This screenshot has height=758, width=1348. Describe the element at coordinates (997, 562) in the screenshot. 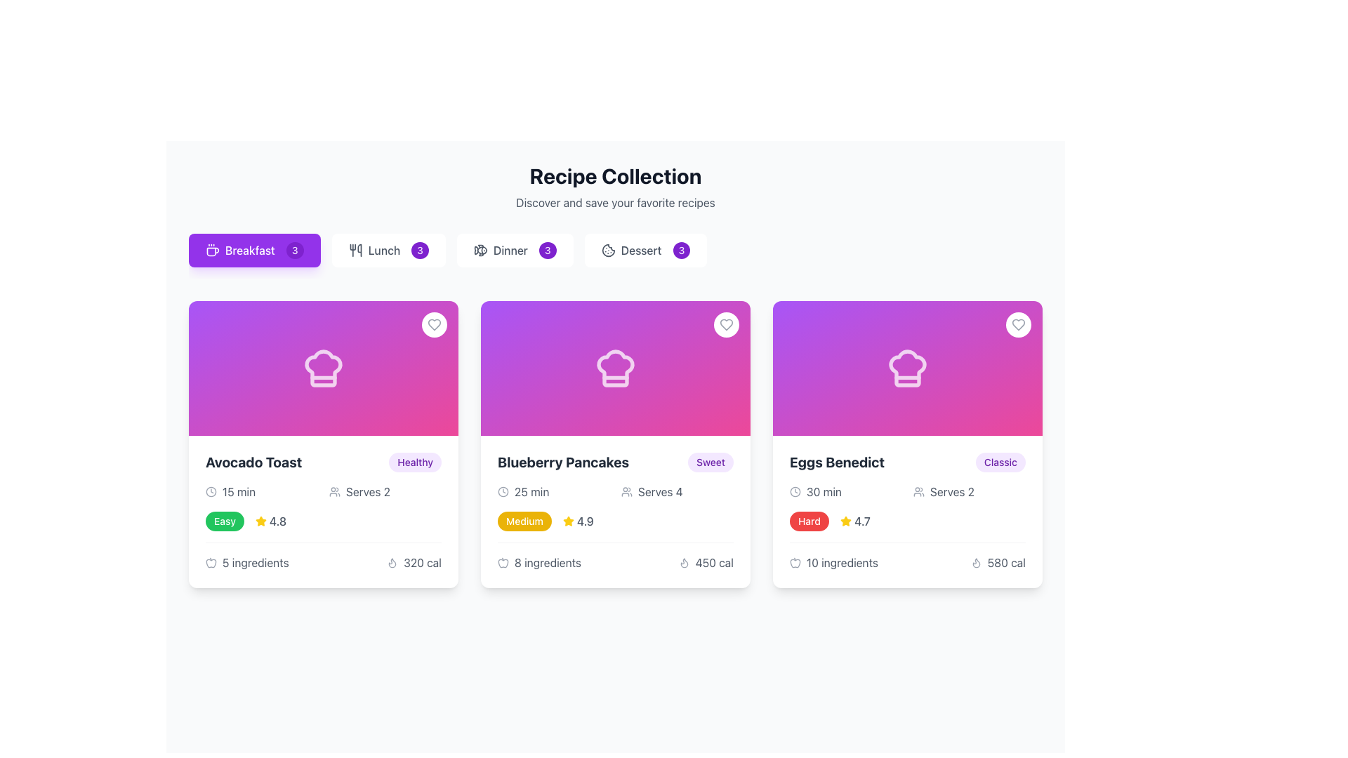

I see `the text and icon combination that informs the user about the caloric content of the 'Eggs Benedict' recipe card, located in the bottom-right corner of the card` at that location.